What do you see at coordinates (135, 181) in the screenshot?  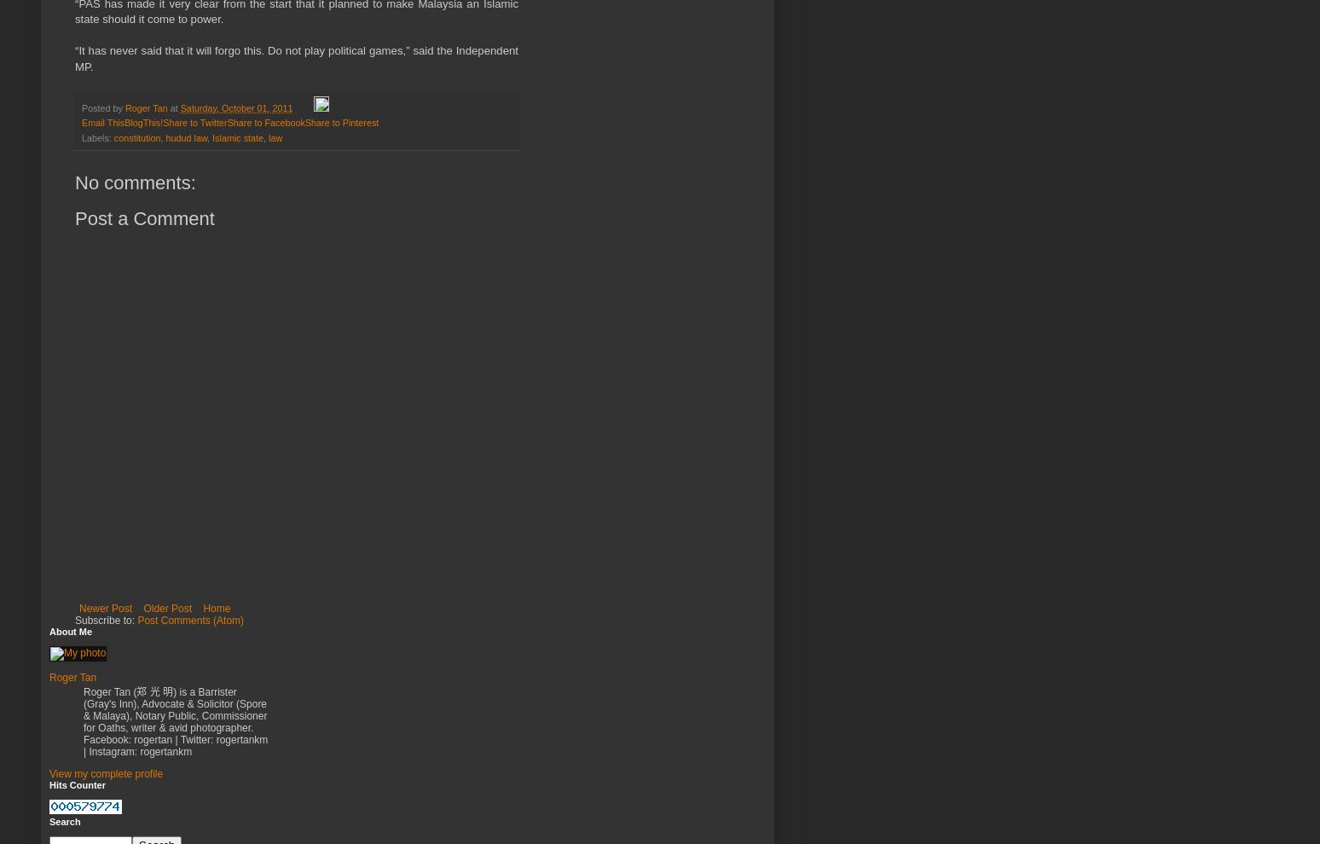 I see `'No comments:'` at bounding box center [135, 181].